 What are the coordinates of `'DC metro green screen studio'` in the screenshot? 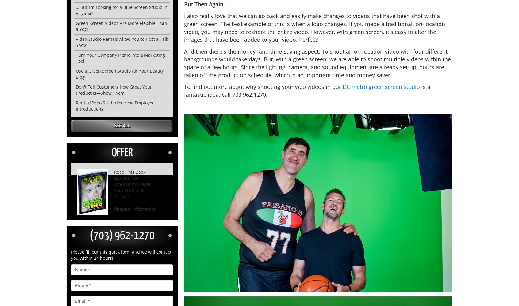 It's located at (381, 86).